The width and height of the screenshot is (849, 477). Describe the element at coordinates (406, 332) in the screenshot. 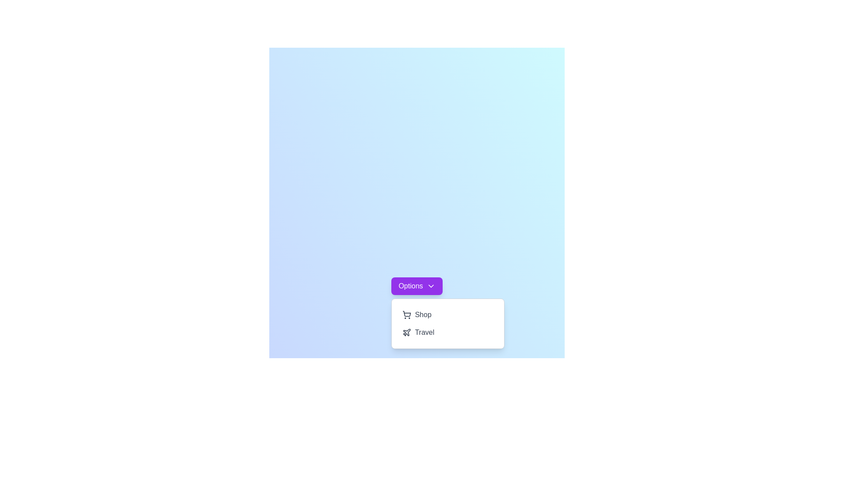

I see `the 'Travel' graphic icon in the dropdown menu, which is positioned directly to the left of the 'Travel' label and below the purple 'Options' button` at that location.